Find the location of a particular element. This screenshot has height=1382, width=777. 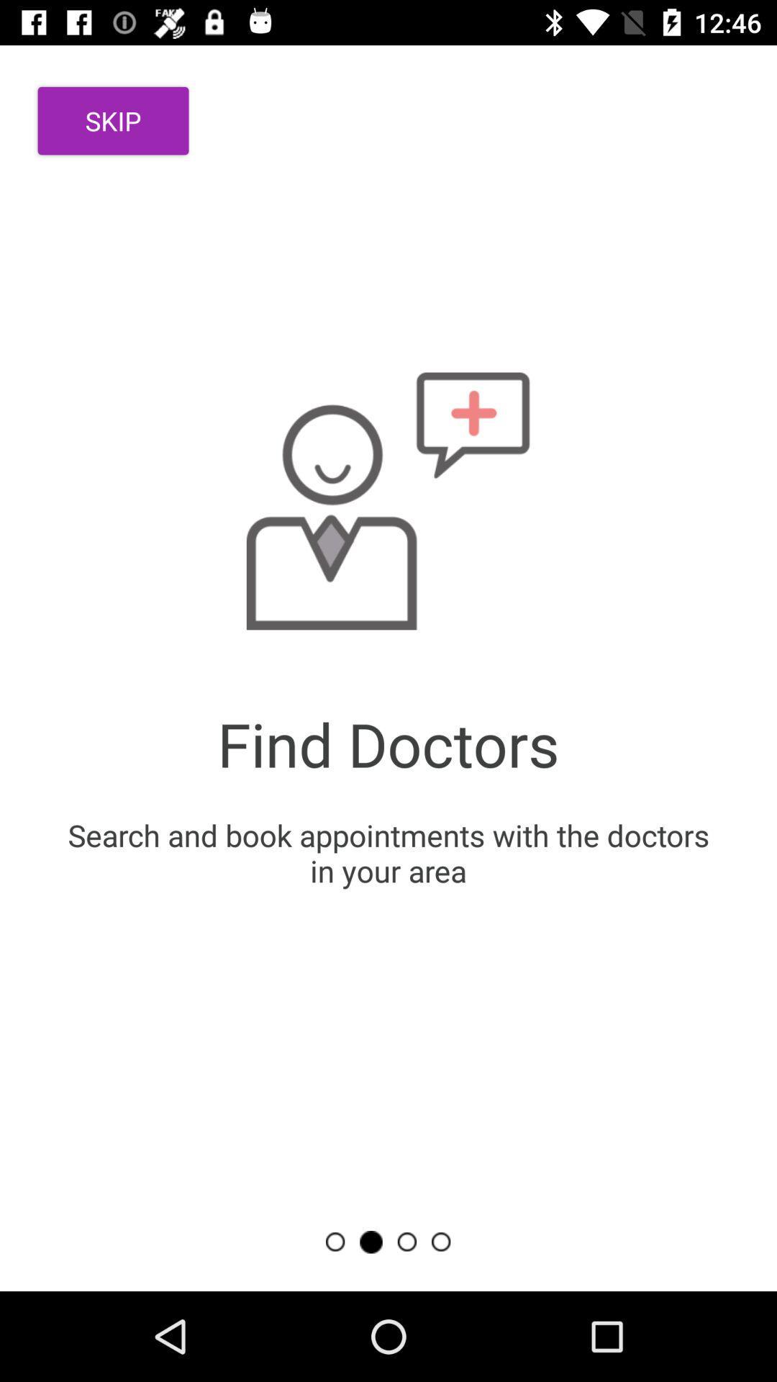

the skip is located at coordinates (112, 121).